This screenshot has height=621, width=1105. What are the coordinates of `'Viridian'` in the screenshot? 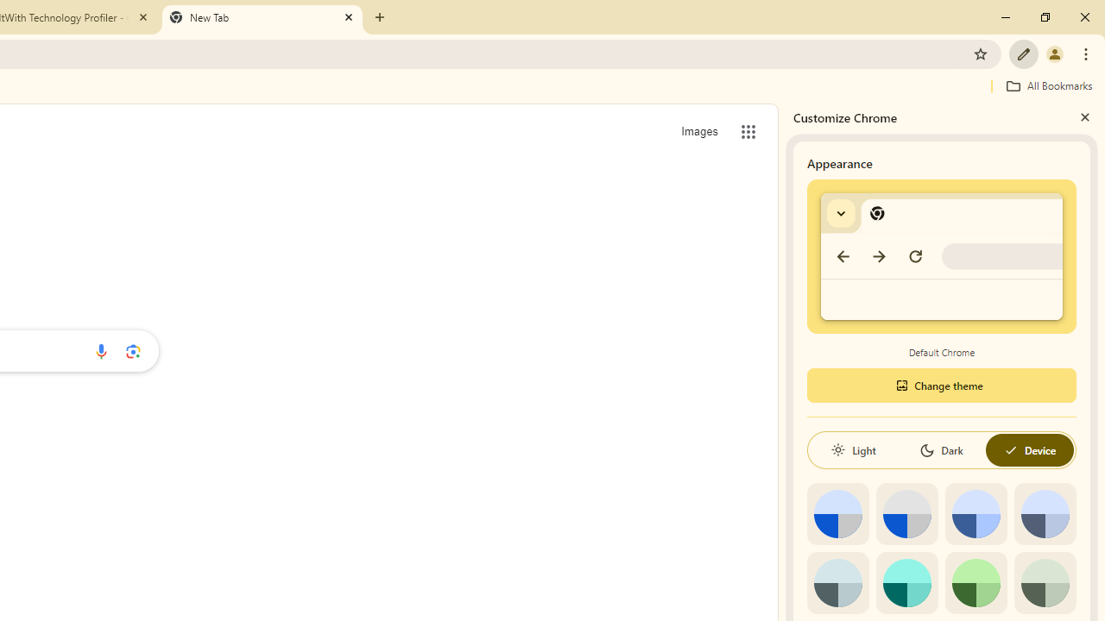 It's located at (1044, 582).